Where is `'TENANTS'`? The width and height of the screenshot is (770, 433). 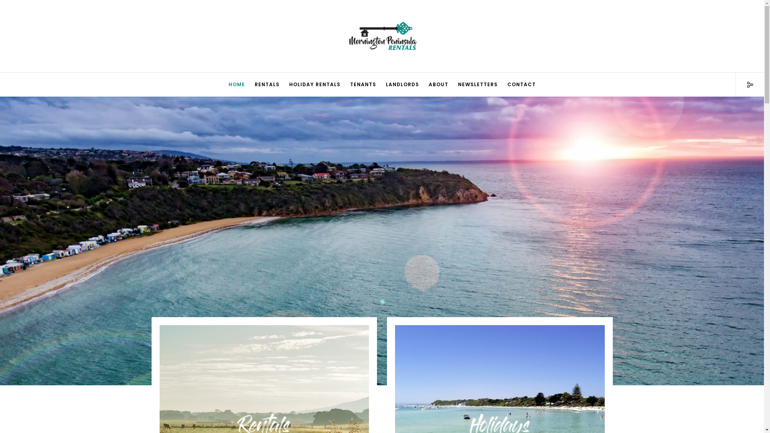
'TENANTS' is located at coordinates (362, 85).